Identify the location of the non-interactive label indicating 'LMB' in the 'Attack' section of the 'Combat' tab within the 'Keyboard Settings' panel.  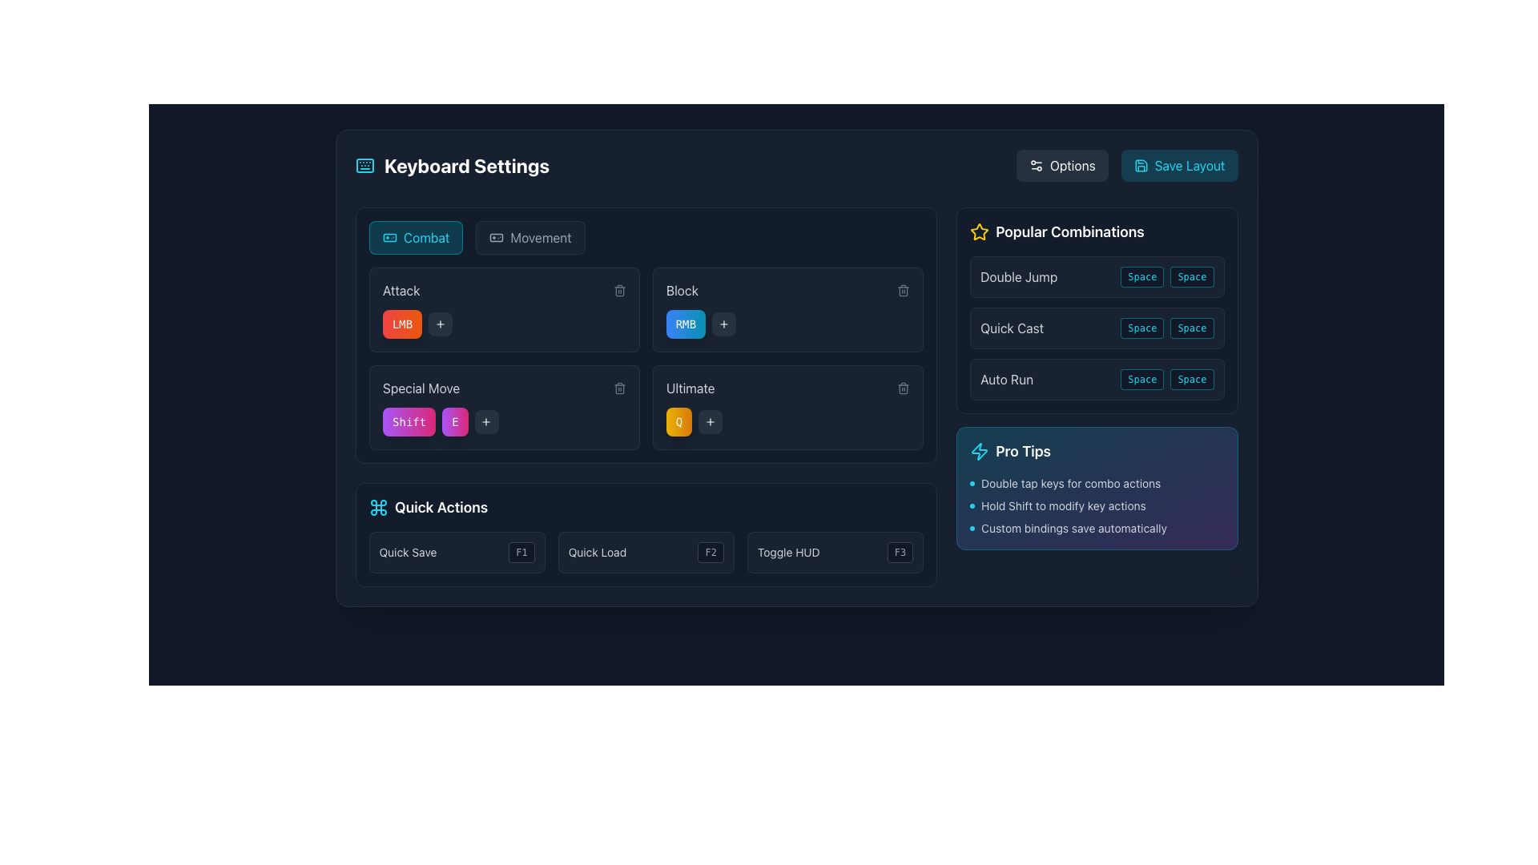
(402, 324).